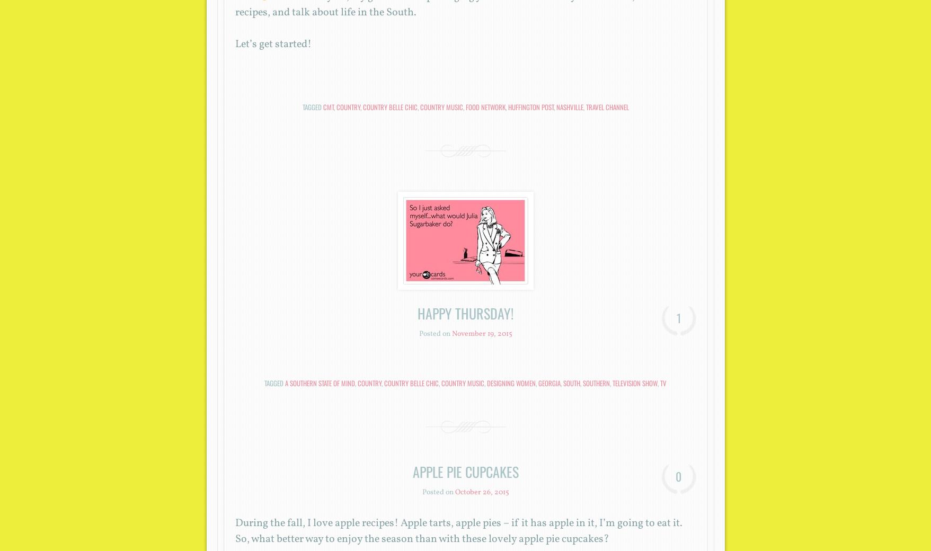 The image size is (931, 551). What do you see at coordinates (465, 313) in the screenshot?
I see `'Happy Thursday!'` at bounding box center [465, 313].